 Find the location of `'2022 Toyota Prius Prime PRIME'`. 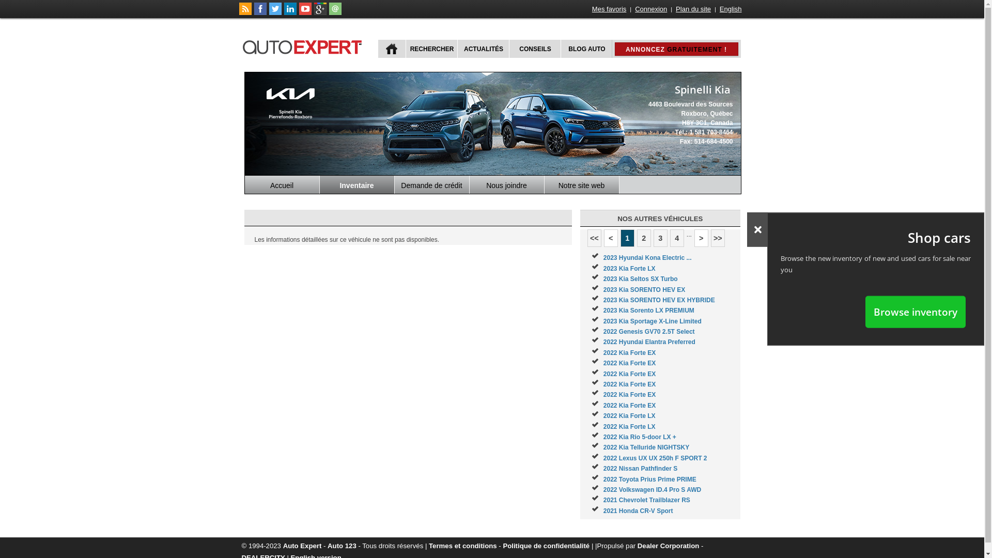

'2022 Toyota Prius Prime PRIME' is located at coordinates (649, 479).